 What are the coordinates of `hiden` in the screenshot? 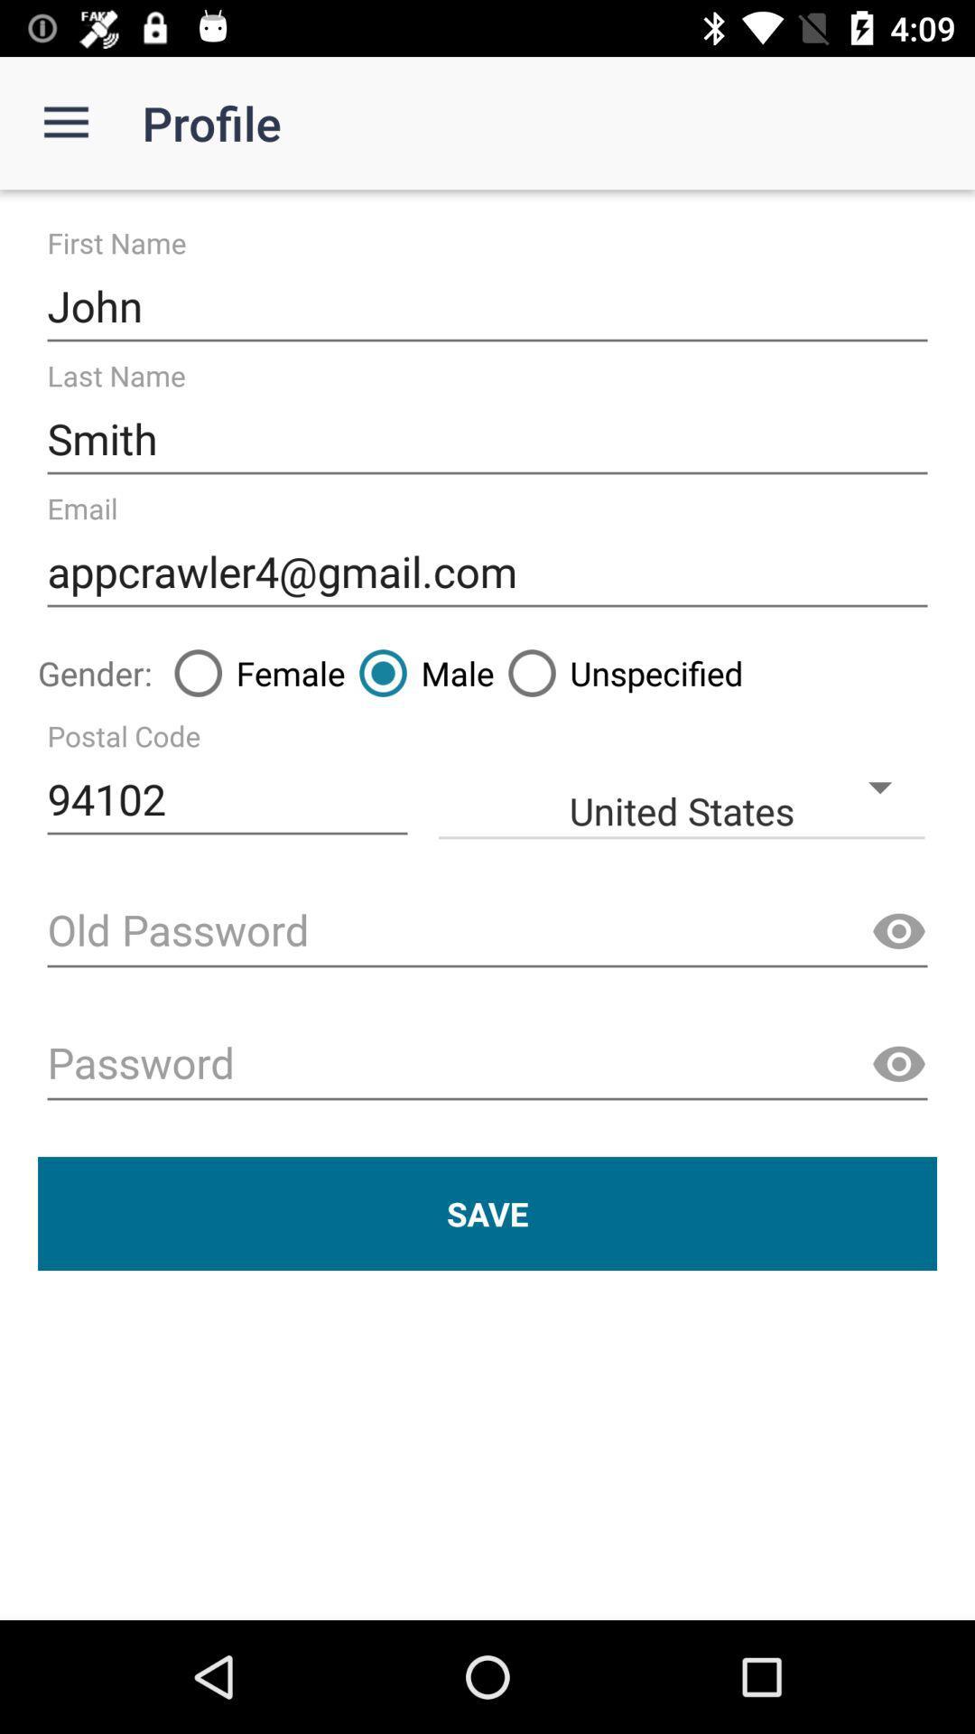 It's located at (898, 932).